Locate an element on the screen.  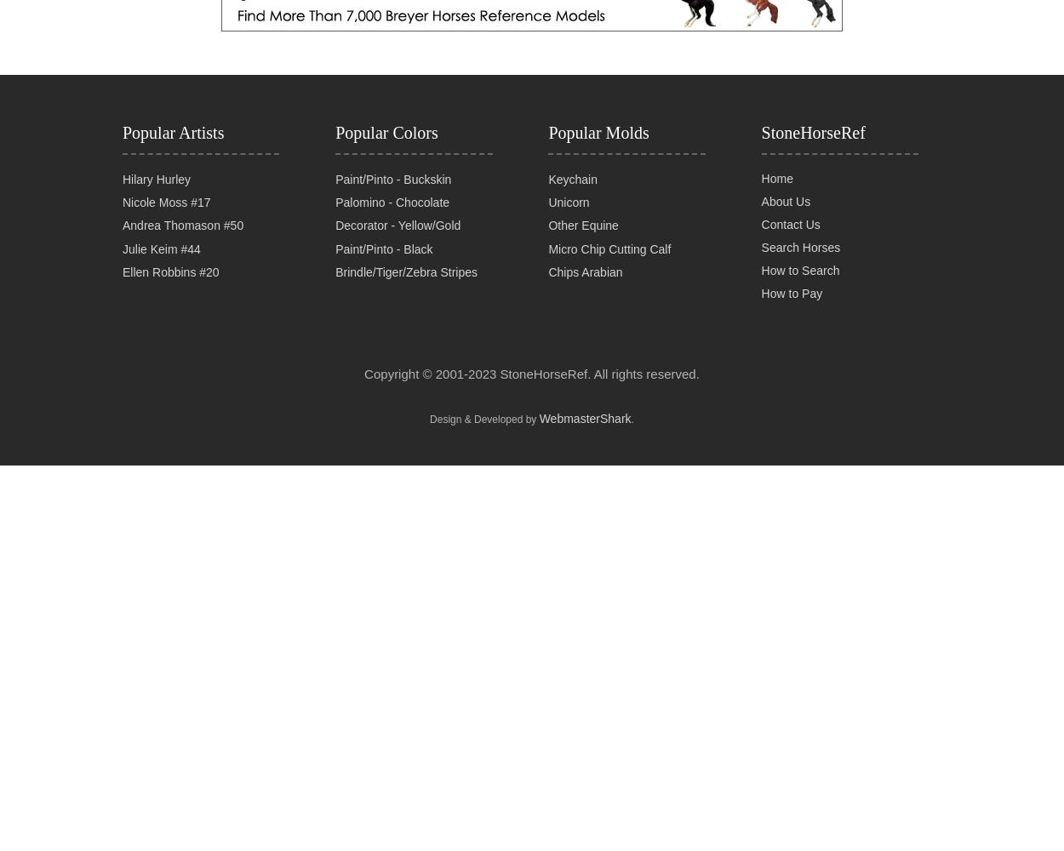
'Keychain' is located at coordinates (573, 178).